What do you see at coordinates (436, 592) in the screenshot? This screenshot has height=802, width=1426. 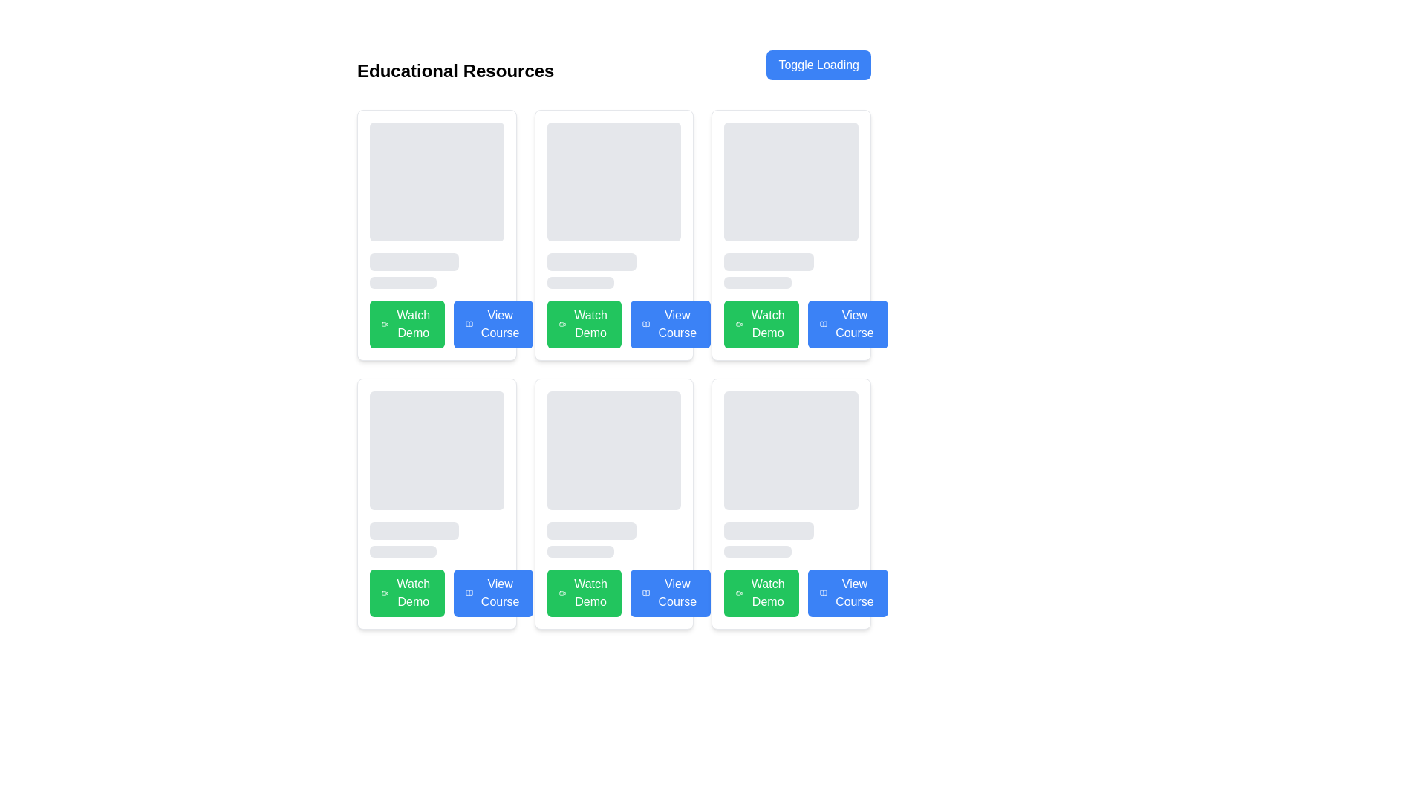 I see `the green button labeled 'Watch Demo' to enable keyboard interaction for further actions` at bounding box center [436, 592].